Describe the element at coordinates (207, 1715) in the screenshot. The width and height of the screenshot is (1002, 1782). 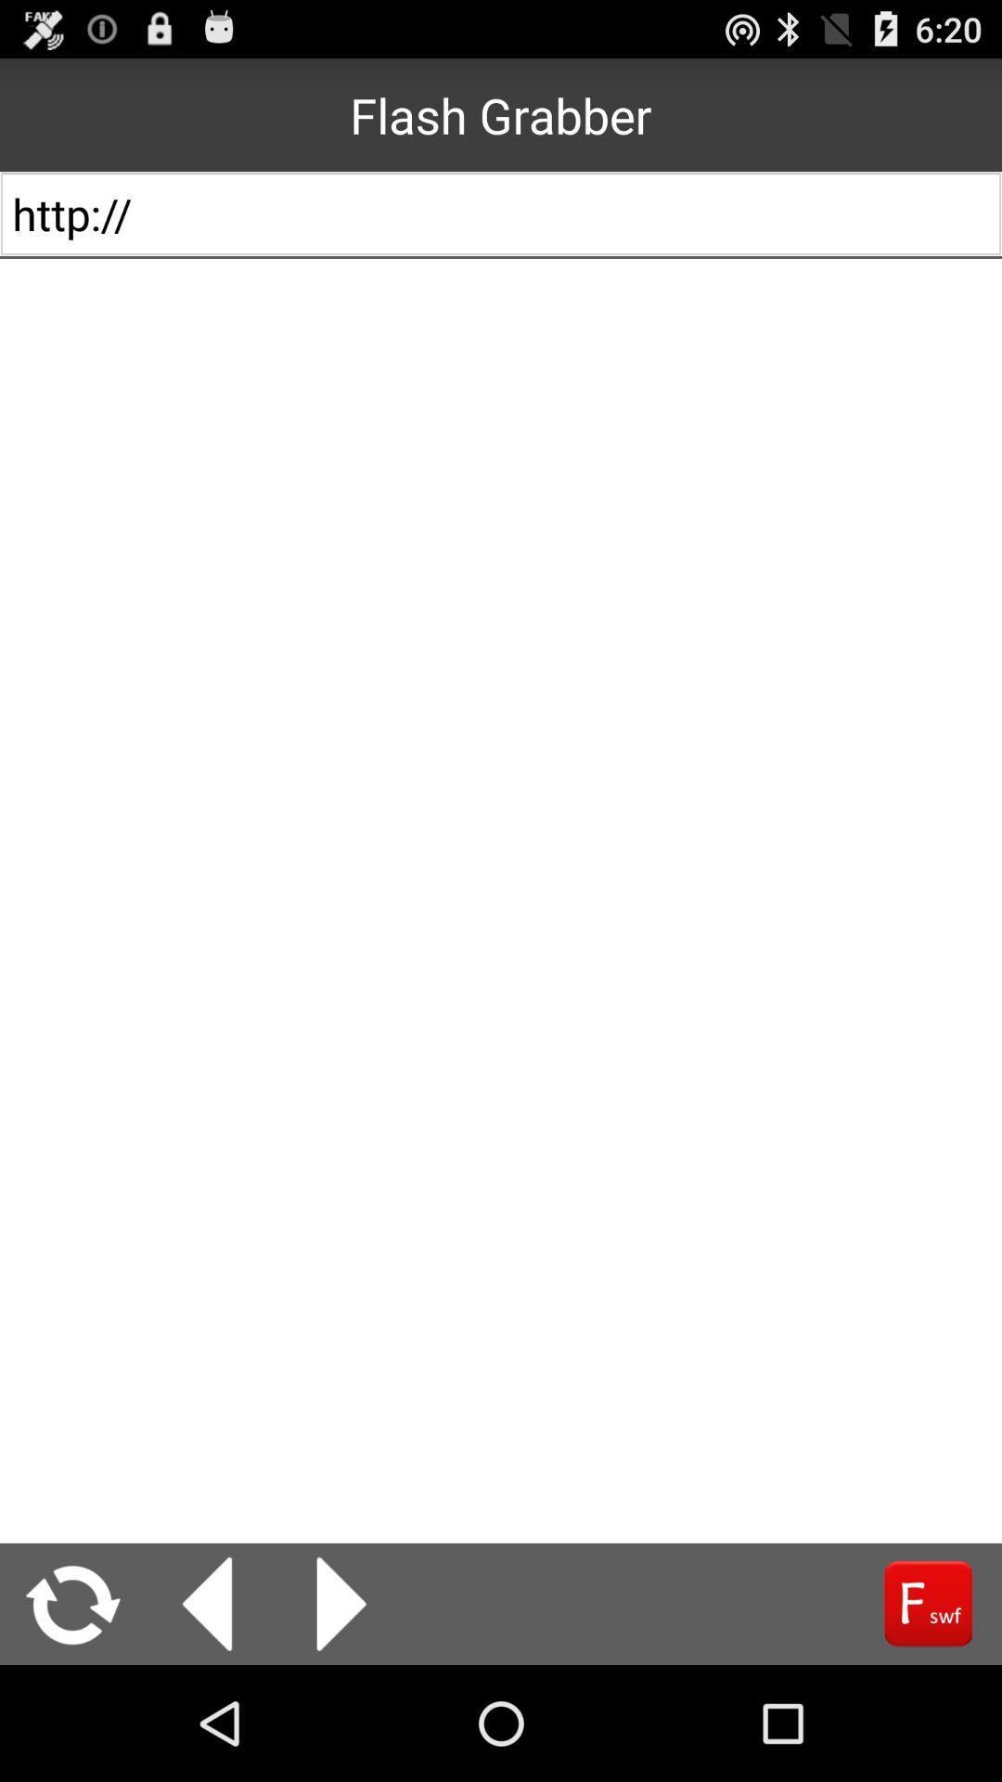
I see `the arrow_backward icon` at that location.